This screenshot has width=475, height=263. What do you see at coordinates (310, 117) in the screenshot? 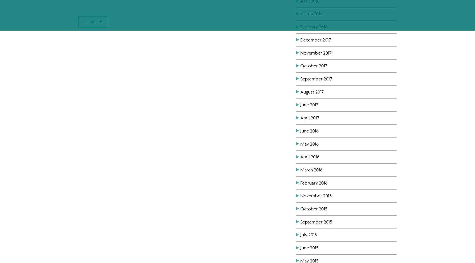
I see `'April 2017'` at bounding box center [310, 117].